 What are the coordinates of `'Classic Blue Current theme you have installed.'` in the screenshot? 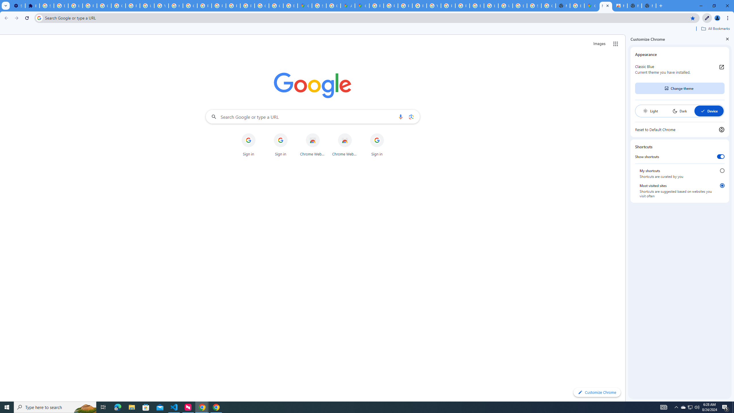 It's located at (679, 69).